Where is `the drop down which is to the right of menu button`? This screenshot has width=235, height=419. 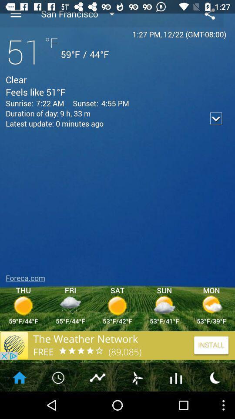
the drop down which is to the right of menu button is located at coordinates (84, 13).